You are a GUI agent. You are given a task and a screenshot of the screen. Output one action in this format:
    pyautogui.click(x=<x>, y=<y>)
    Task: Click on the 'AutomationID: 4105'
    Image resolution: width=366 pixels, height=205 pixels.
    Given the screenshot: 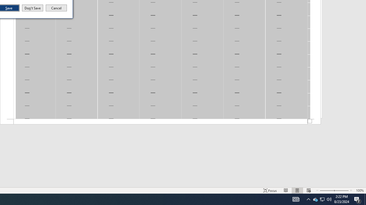 What is the action you would take?
    pyautogui.click(x=296, y=199)
    